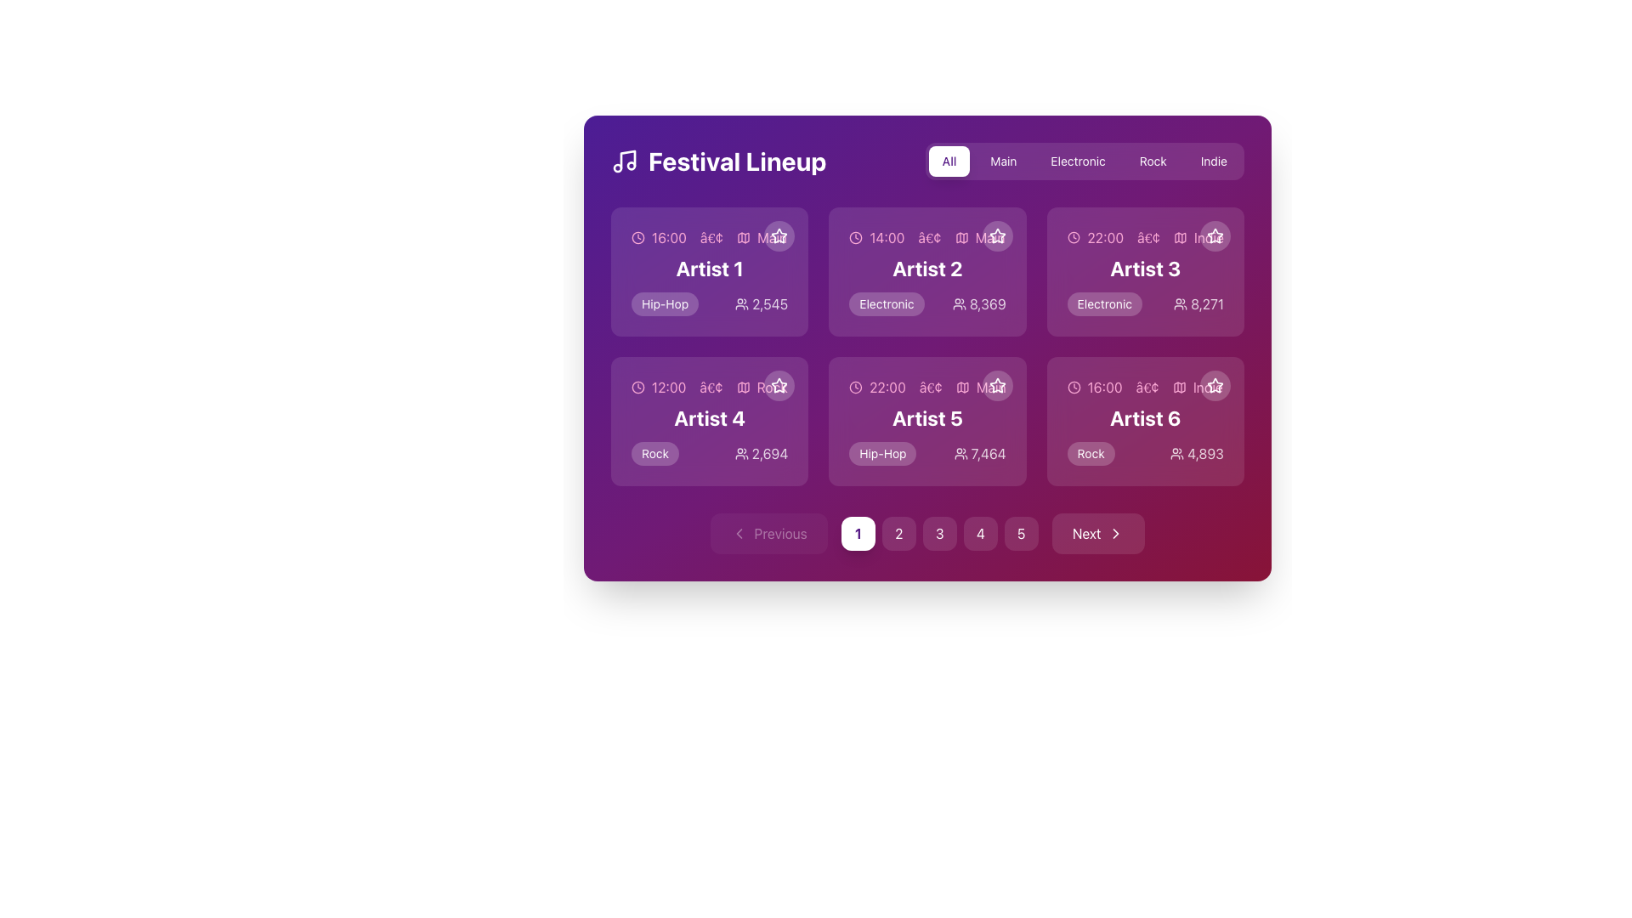  I want to click on the 'Electronic' button, which is the third button in a row of five buttons located in the 'Festival Lineup' section, to filter content by 'Electronic', so click(1076, 161).